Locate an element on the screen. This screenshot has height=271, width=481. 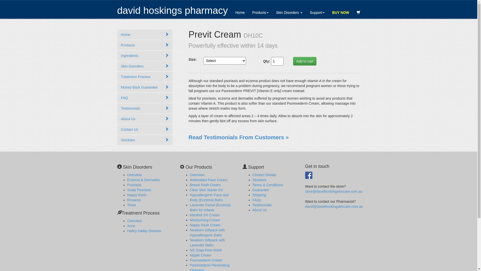
'store@davidhoskingskincare.com.au' is located at coordinates (334, 191).